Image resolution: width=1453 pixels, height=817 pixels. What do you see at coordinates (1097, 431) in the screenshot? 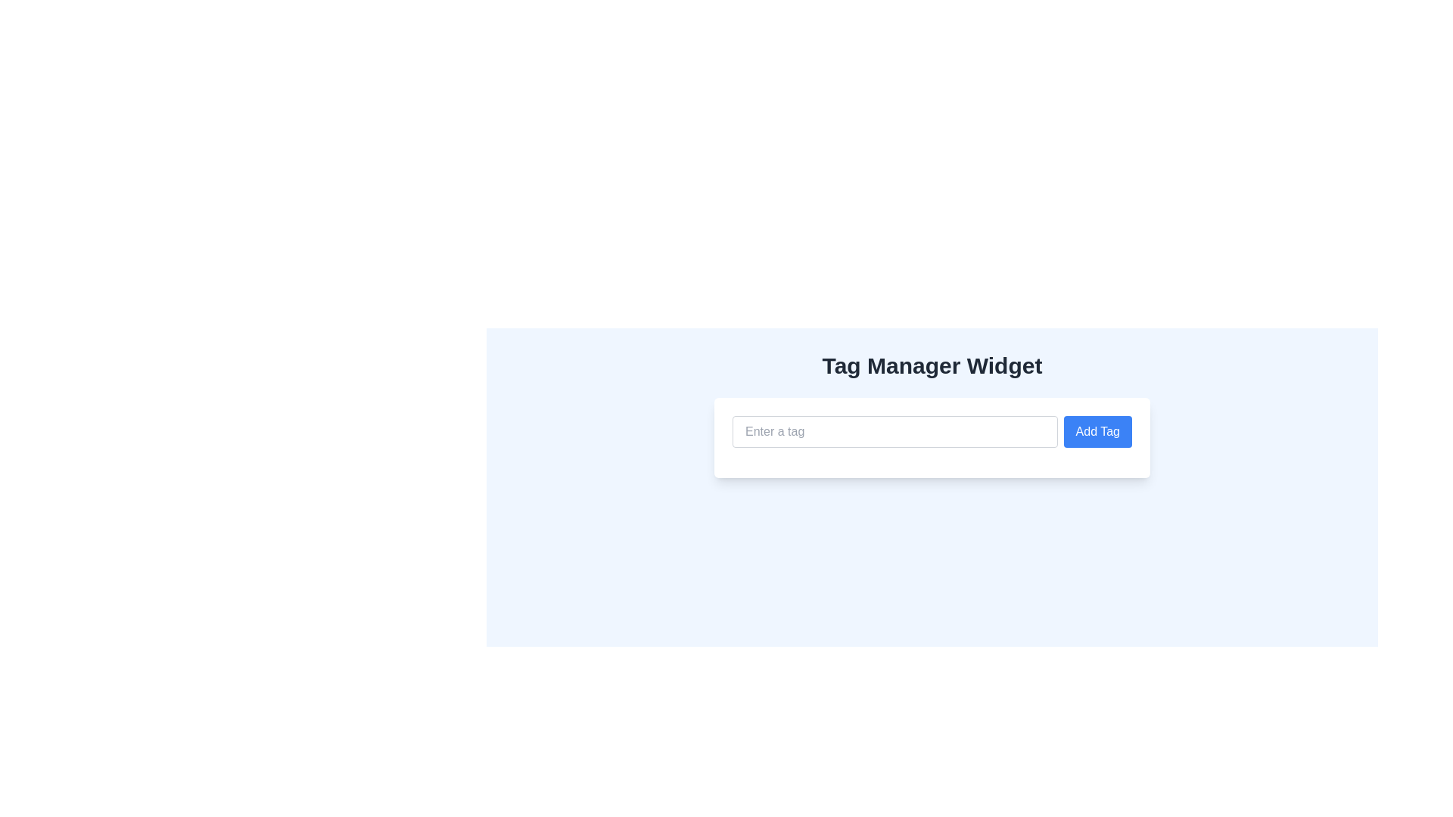
I see `the 'Add Tag' button with a bold blue background and white text` at bounding box center [1097, 431].